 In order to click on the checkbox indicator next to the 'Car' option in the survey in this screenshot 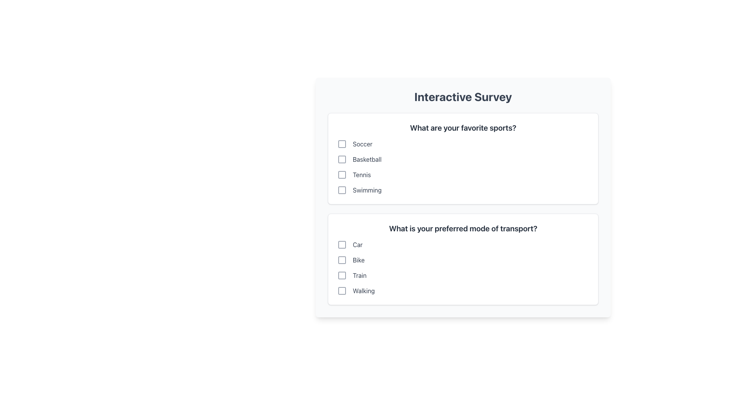, I will do `click(341, 244)`.